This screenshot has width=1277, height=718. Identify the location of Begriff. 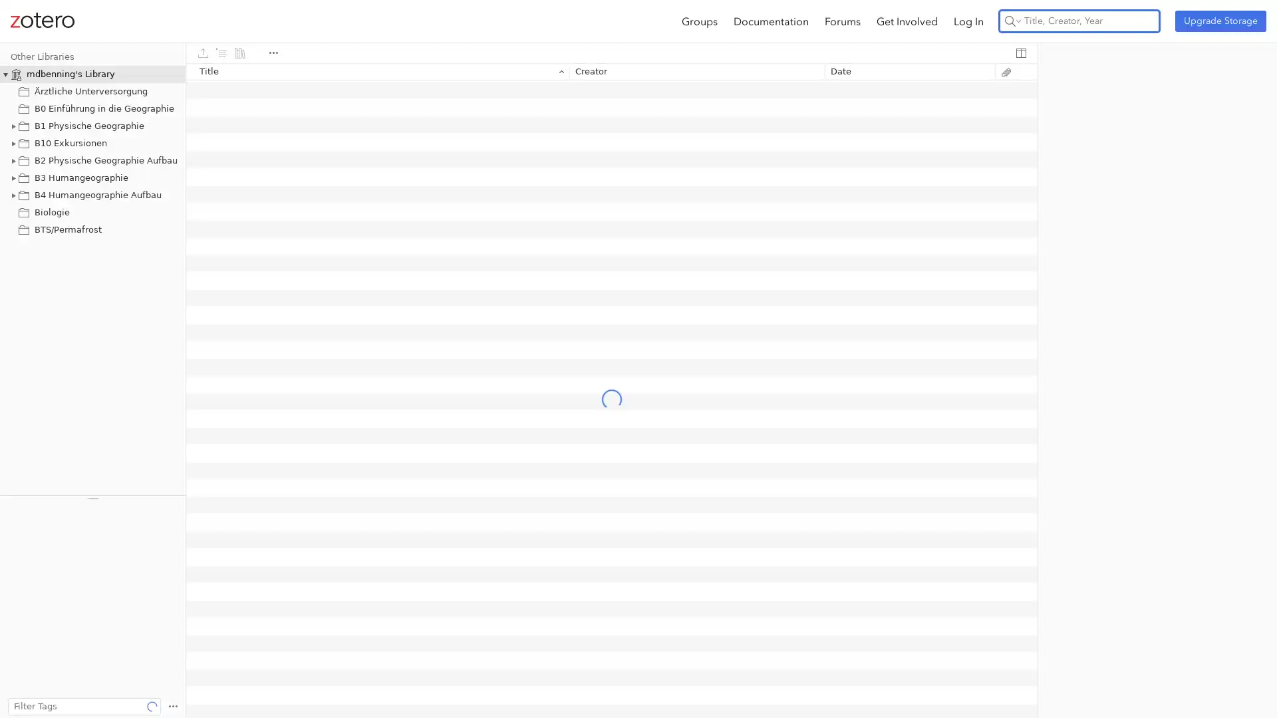
(147, 527).